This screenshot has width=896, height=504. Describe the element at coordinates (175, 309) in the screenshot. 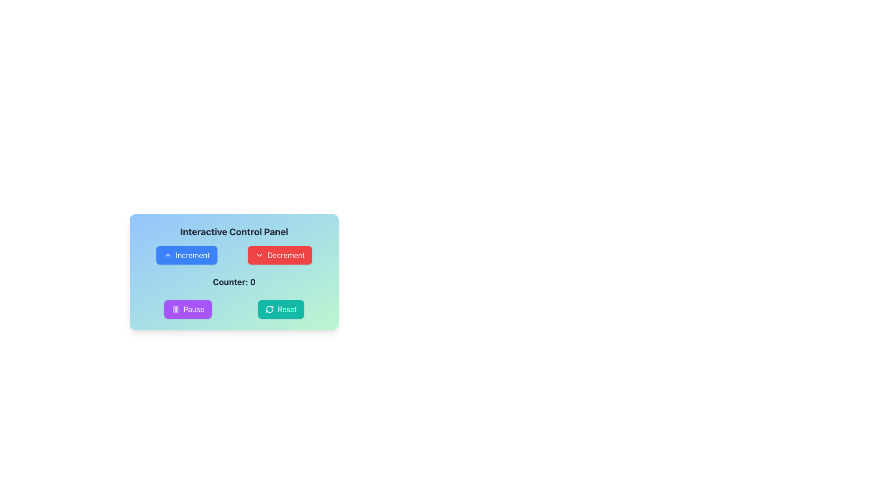

I see `the pause icon, which is represented by two vertical rectangles side-by-side, located within the 'Pause' button on the left side of the button labeled 'Pause'` at that location.